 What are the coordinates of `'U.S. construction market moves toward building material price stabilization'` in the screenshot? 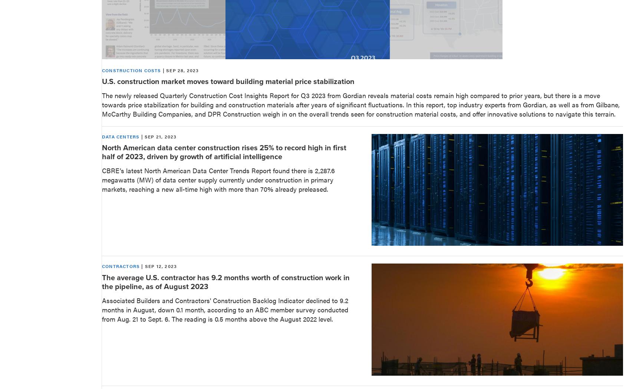 It's located at (228, 81).